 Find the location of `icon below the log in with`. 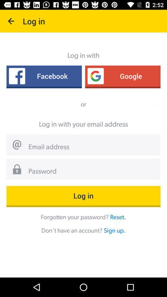

icon below the log in with is located at coordinates (44, 75).